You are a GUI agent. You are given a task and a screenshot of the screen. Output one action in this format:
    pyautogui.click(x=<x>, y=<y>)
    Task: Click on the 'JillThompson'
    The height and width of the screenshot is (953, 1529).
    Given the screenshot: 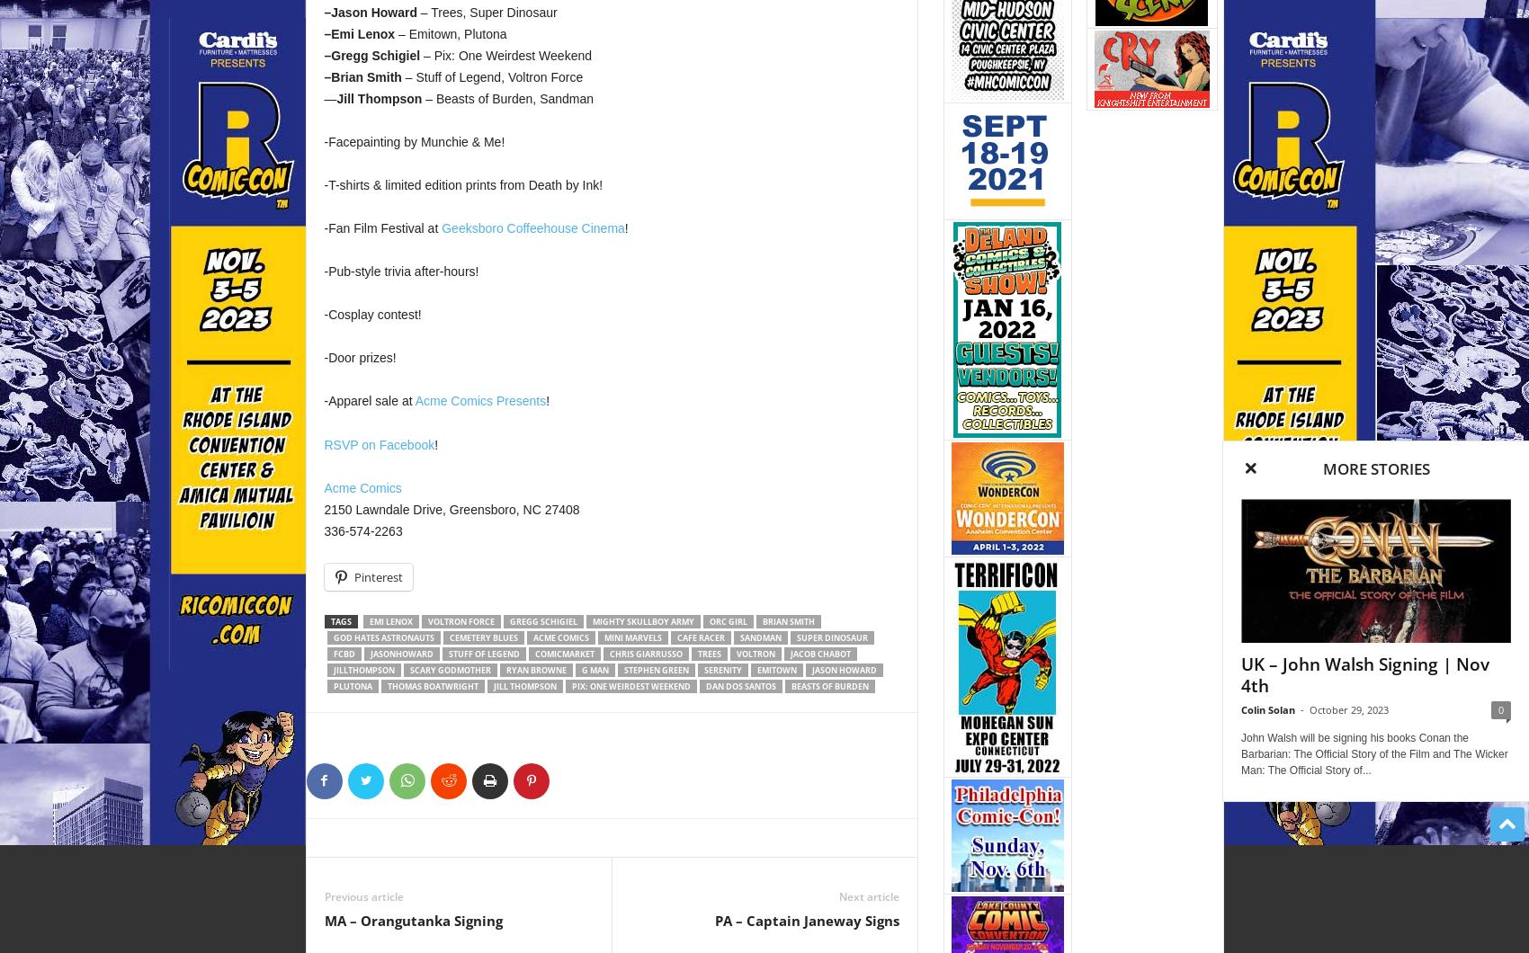 What is the action you would take?
    pyautogui.click(x=362, y=668)
    